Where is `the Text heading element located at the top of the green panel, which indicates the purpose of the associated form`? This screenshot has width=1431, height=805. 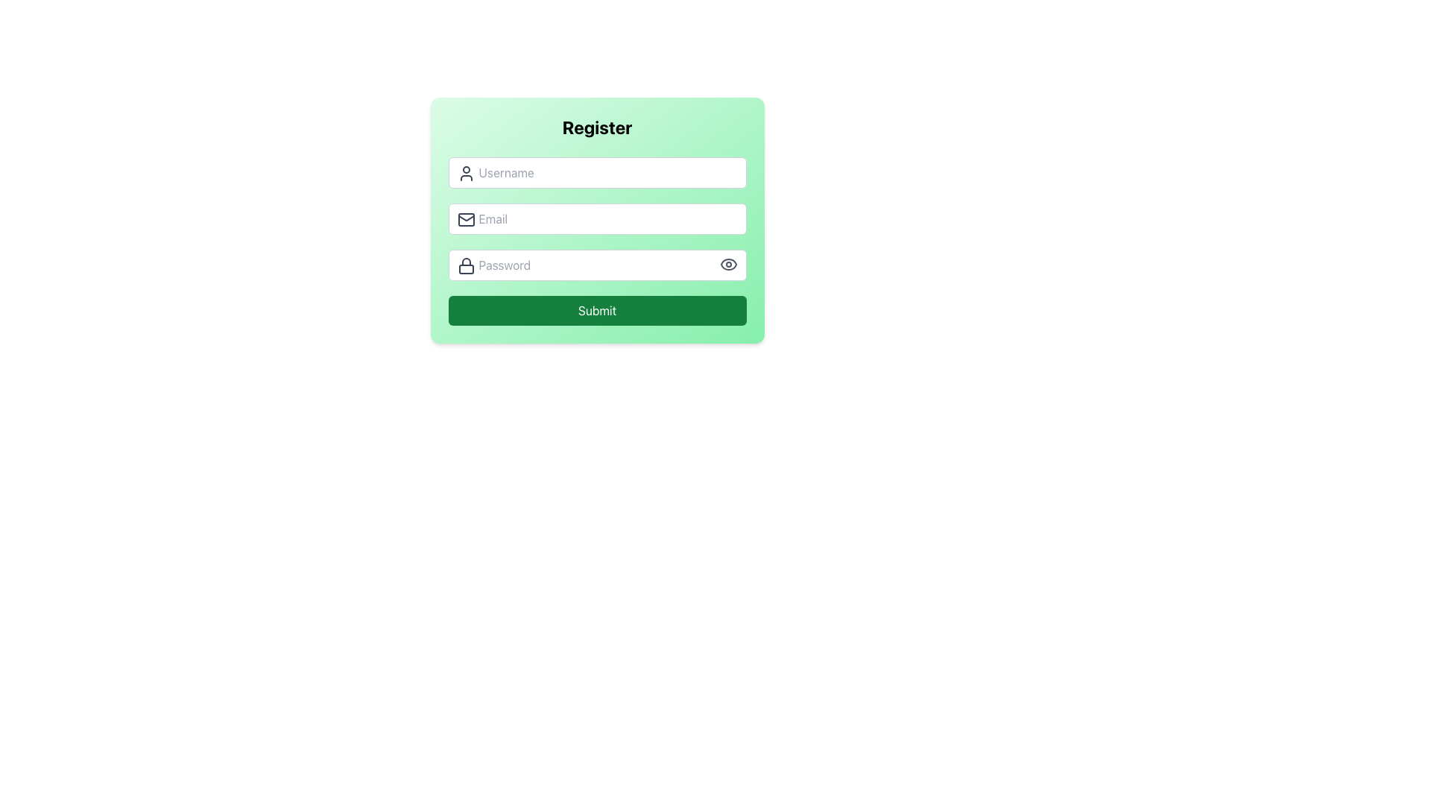 the Text heading element located at the top of the green panel, which indicates the purpose of the associated form is located at coordinates (597, 126).